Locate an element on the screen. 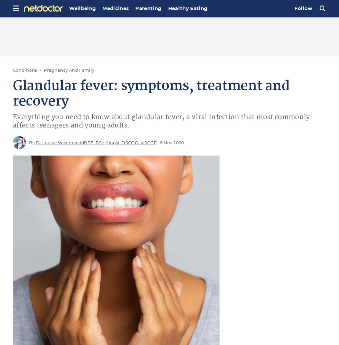 The height and width of the screenshot is (345, 339). 'Glandular fever: symptoms, treatment and recovery' is located at coordinates (151, 94).